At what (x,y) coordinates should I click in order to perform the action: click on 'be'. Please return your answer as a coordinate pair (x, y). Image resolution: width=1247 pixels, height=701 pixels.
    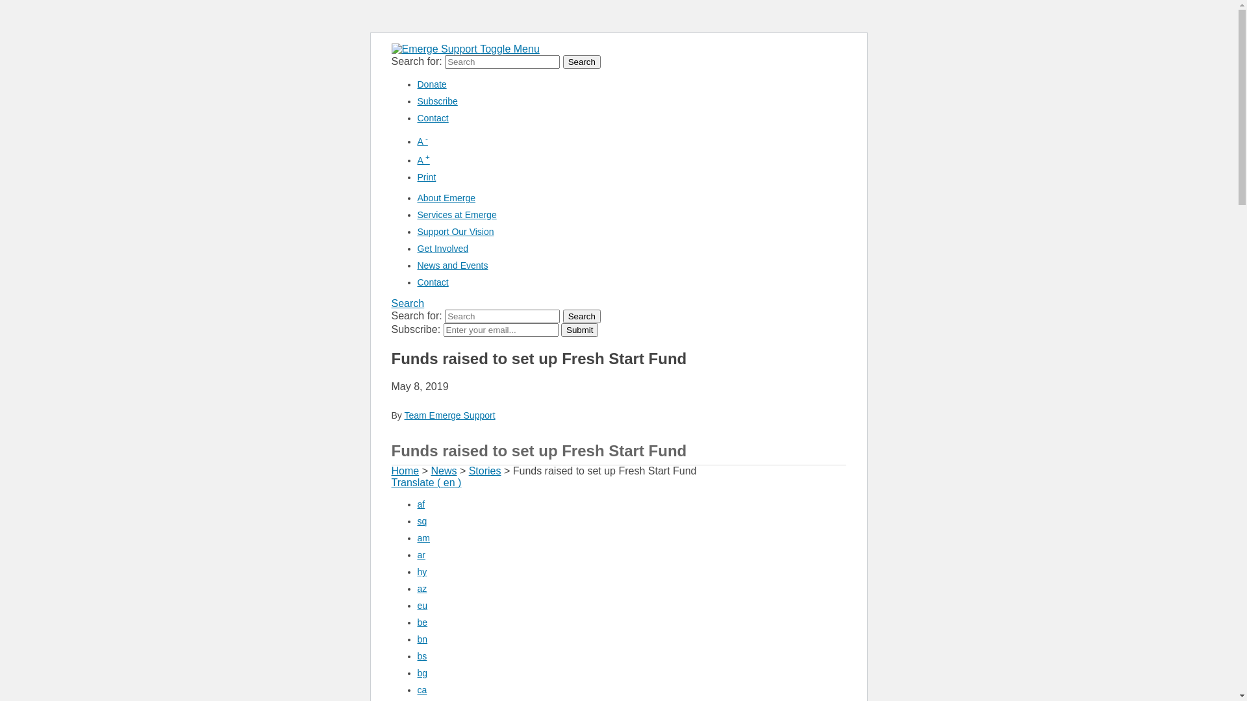
    Looking at the image, I should click on (422, 622).